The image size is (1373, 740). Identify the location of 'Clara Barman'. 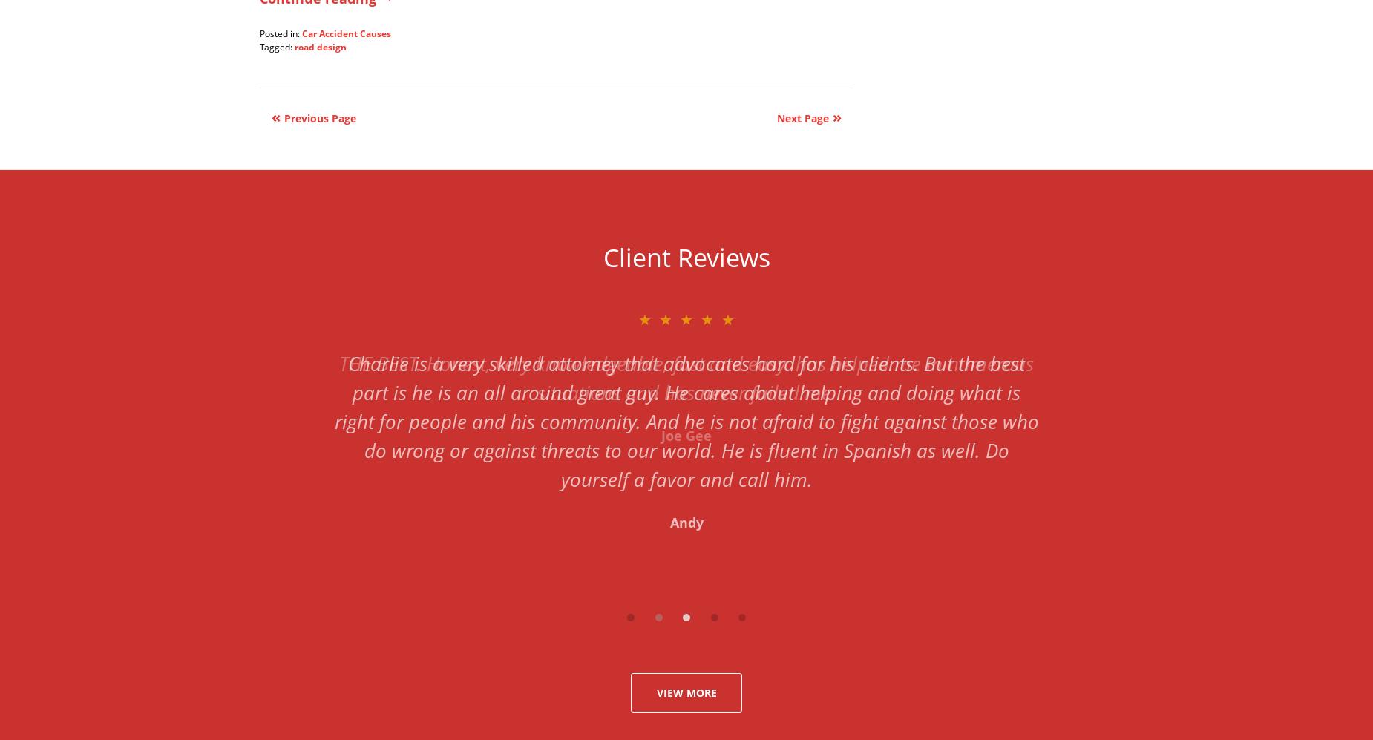
(686, 463).